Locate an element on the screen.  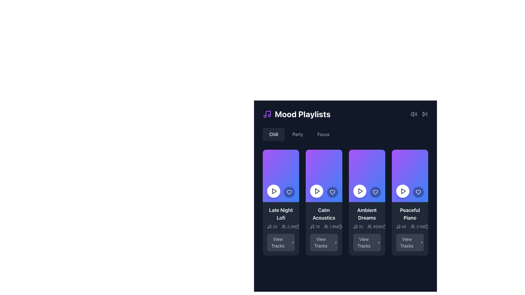
the icon-text pair component displaying the popularity or user count for the 'Ambient Dreams' playlist, located below its title and next to another icon-text pair in the third card of the playlist section is located at coordinates (367, 226).